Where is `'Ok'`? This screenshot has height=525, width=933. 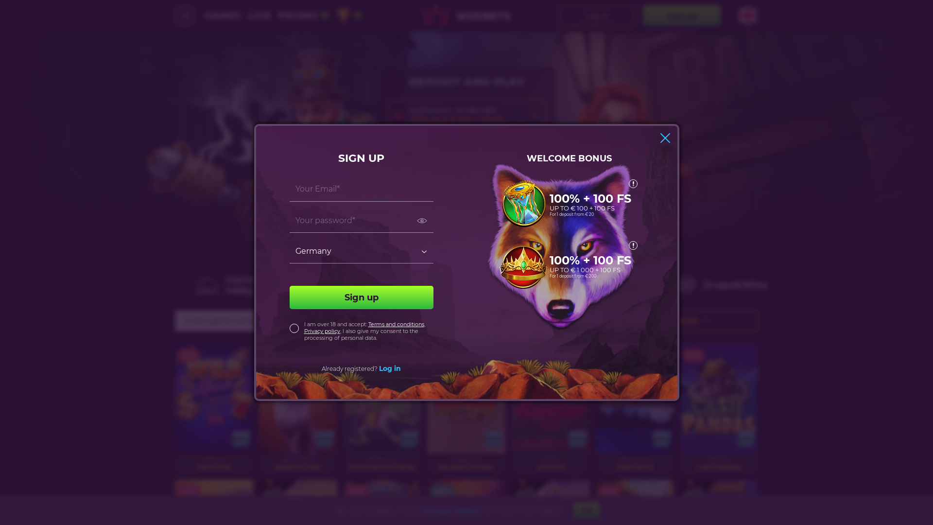 'Ok' is located at coordinates (586, 510).